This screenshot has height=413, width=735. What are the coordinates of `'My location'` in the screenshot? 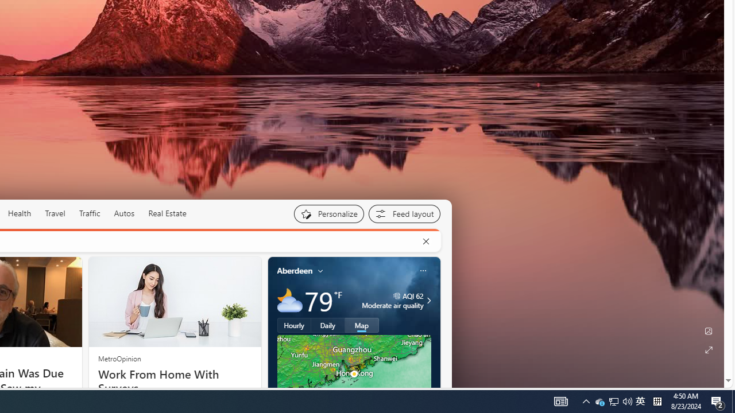 It's located at (320, 270).